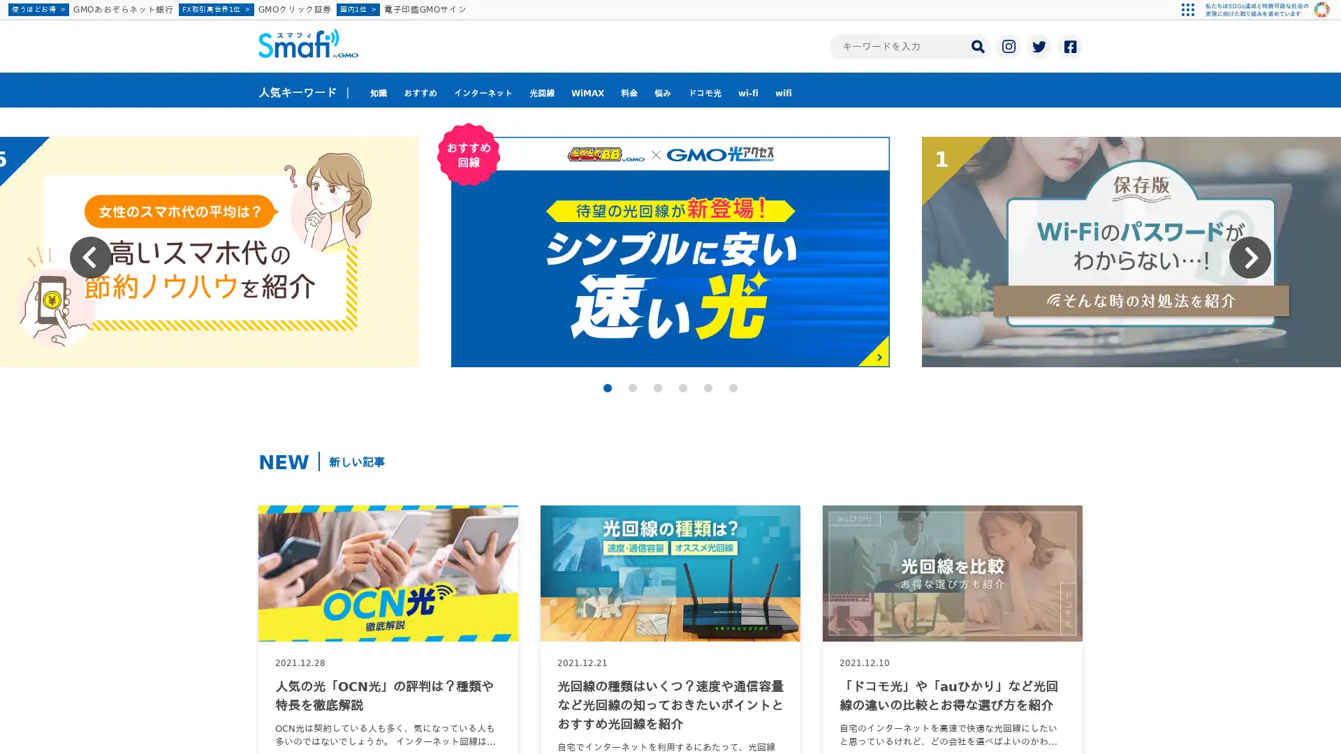 The width and height of the screenshot is (1341, 754). I want to click on Previous, so click(89, 258).